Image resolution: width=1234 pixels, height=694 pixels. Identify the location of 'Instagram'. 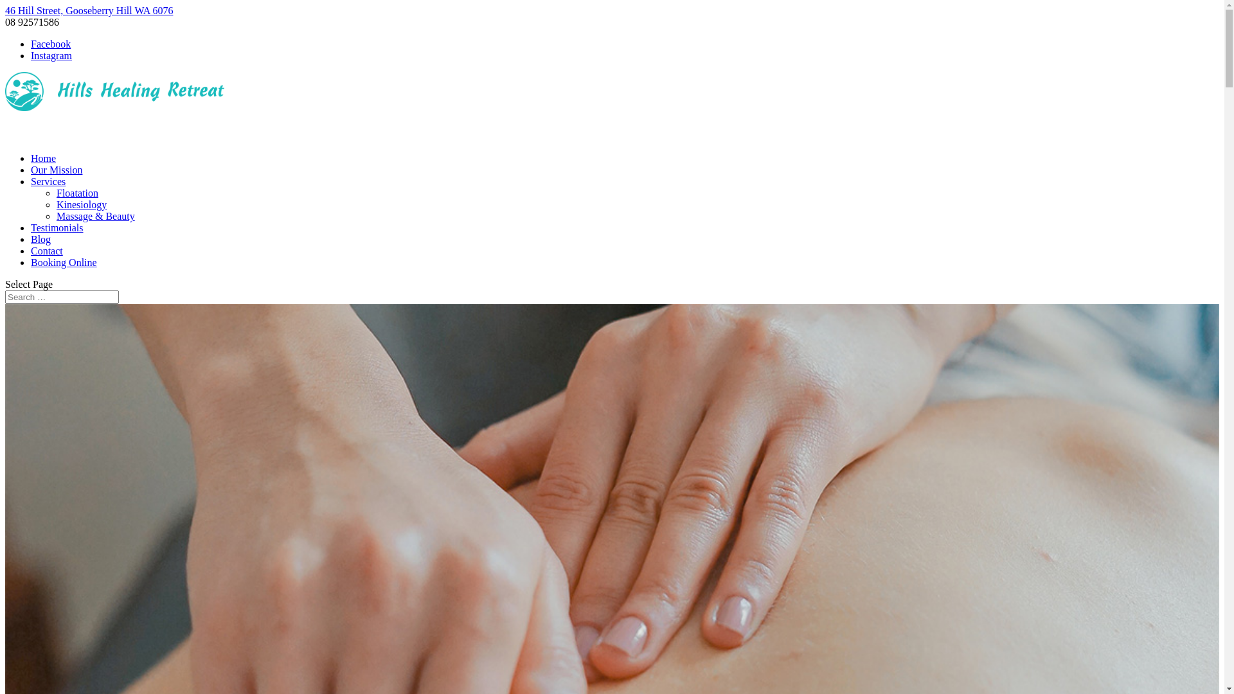
(51, 55).